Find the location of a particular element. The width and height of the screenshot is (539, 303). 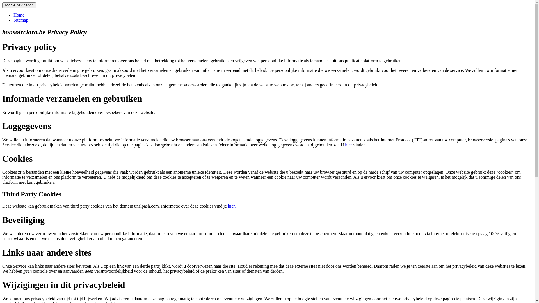

'hier.' is located at coordinates (232, 206).